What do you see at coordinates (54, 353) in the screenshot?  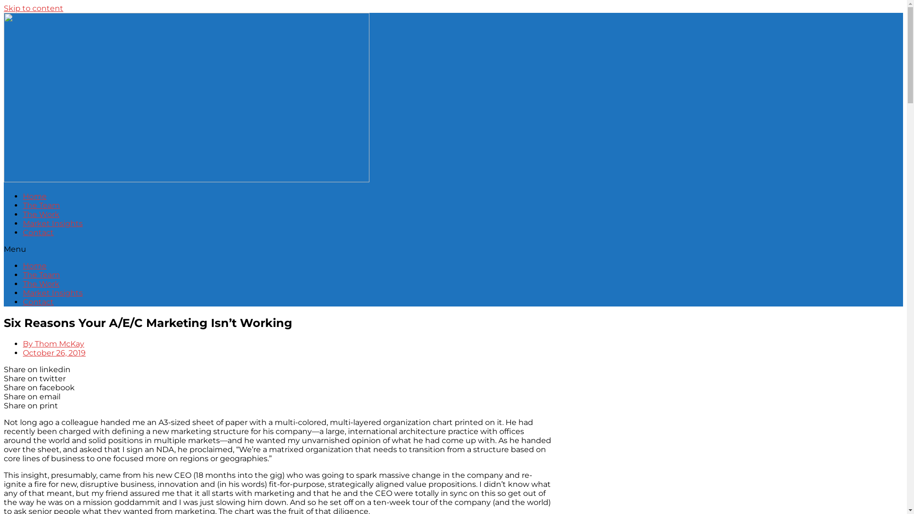 I see `'October 26, 2019'` at bounding box center [54, 353].